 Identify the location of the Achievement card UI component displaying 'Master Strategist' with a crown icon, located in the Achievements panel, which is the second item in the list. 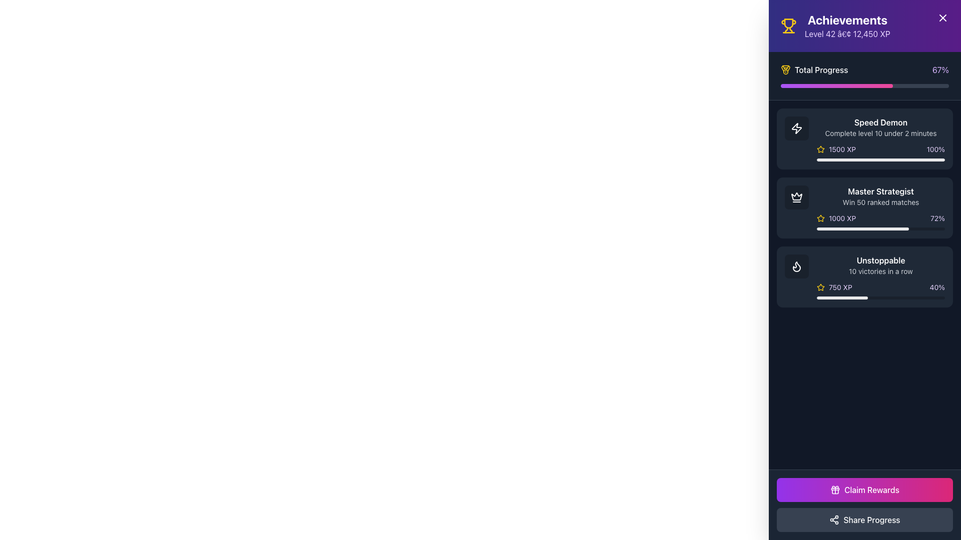
(864, 207).